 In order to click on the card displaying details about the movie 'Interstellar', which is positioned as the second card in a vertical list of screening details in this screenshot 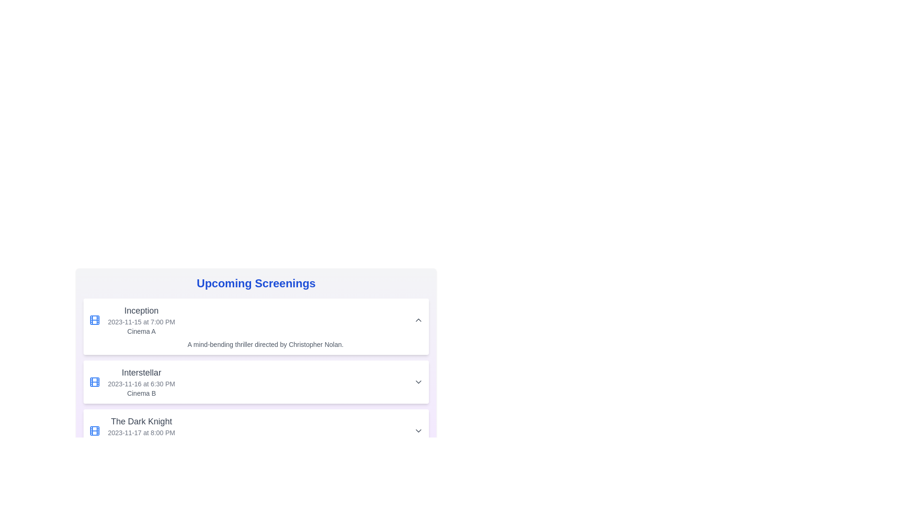, I will do `click(256, 363)`.